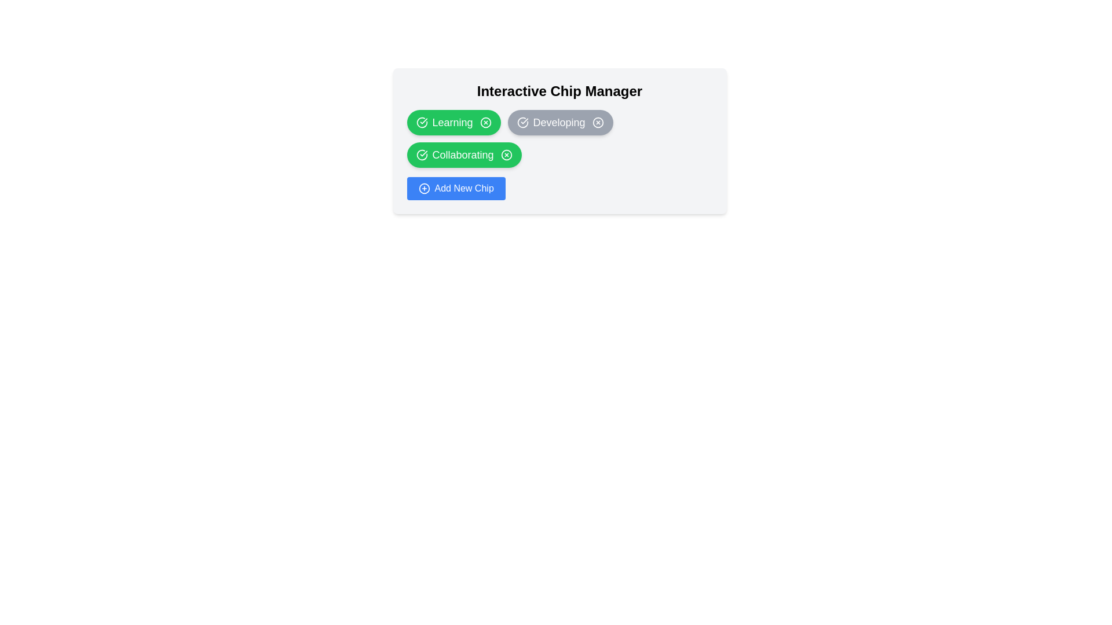  Describe the element at coordinates (421, 154) in the screenshot. I see `the checked icon indicating the confirmed state for the 'Collaborating' chip, which is the first icon in its component` at that location.